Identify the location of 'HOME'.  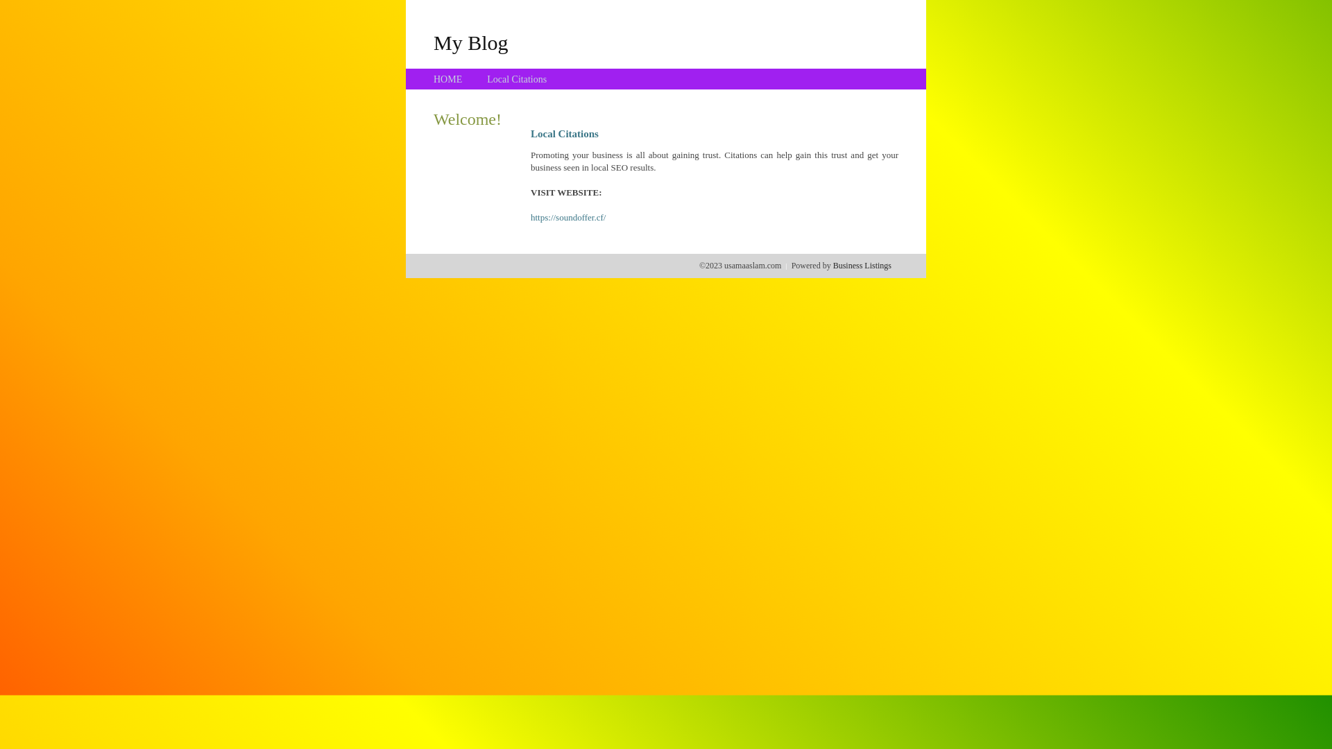
(432, 79).